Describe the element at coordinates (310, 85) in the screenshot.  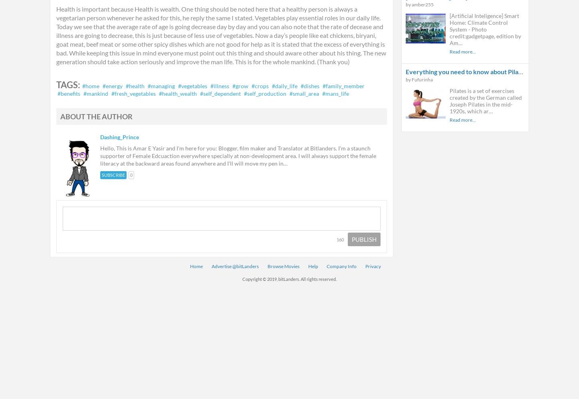
I see `'#dishes'` at that location.